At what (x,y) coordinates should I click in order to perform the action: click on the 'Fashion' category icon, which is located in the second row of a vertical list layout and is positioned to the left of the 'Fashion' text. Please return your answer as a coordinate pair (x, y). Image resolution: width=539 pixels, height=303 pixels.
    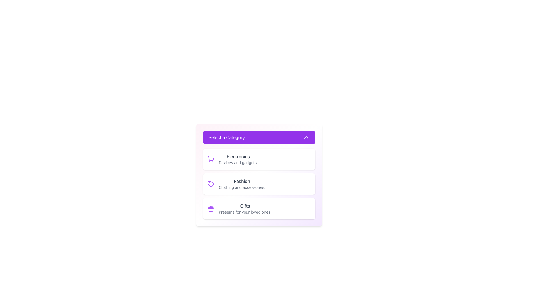
    Looking at the image, I should click on (210, 184).